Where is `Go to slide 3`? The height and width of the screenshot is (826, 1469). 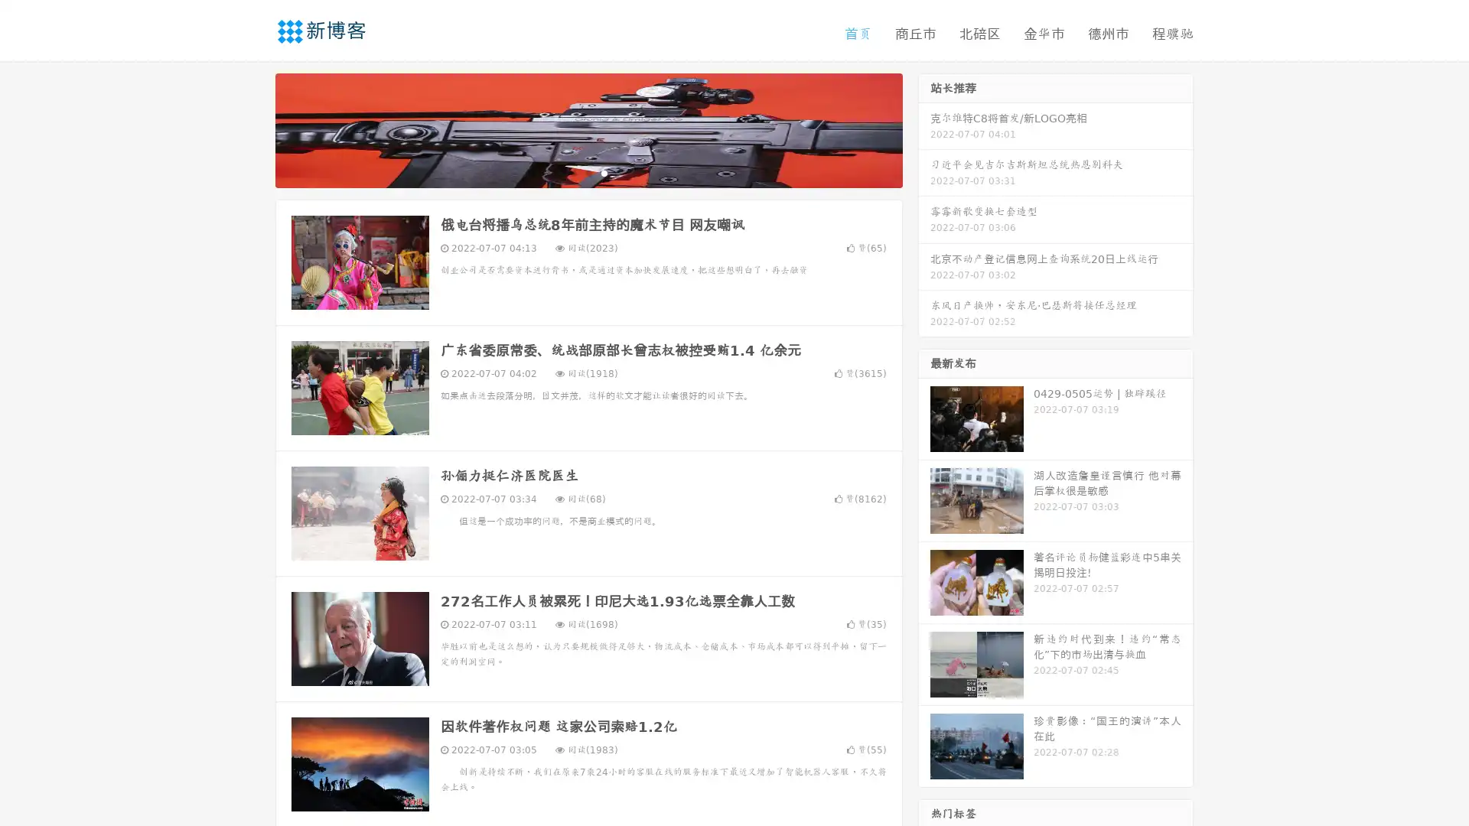
Go to slide 3 is located at coordinates (604, 172).